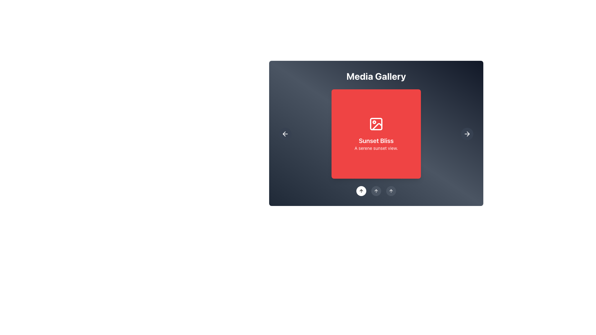  I want to click on the central content card titled 'Sunset Bliss' in the media gallery to interact with it, so click(376, 134).